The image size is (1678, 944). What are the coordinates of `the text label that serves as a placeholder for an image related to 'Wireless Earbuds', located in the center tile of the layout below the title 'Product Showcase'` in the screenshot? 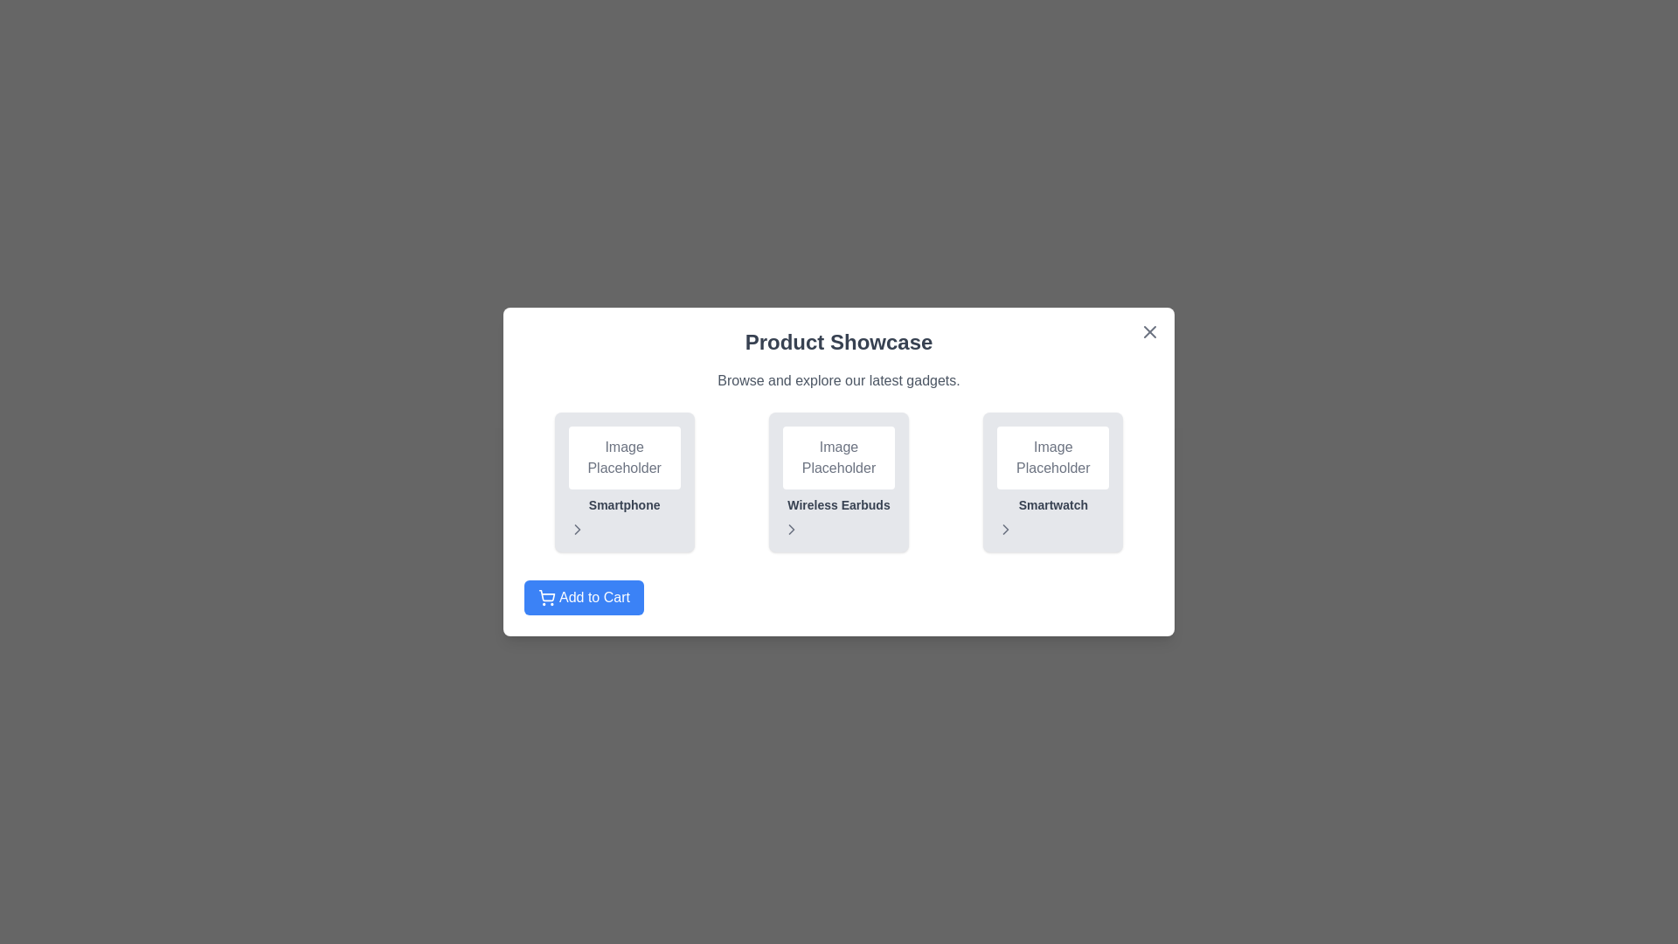 It's located at (839, 457).